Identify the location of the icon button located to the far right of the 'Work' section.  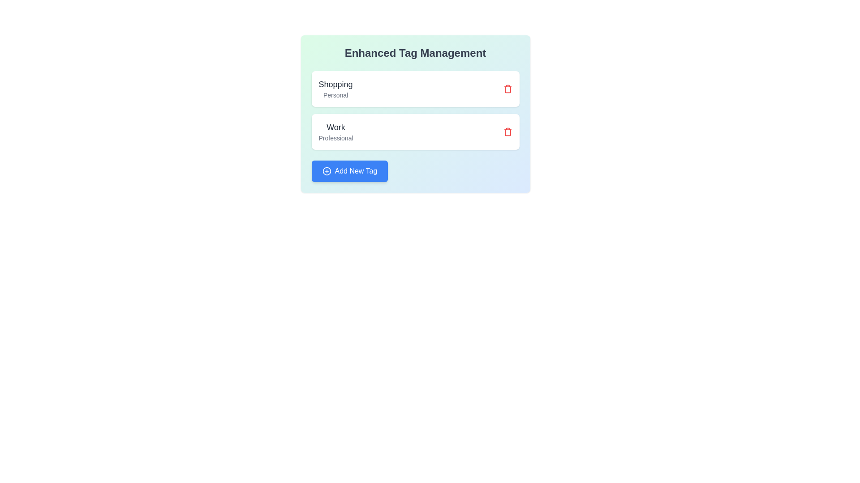
(507, 131).